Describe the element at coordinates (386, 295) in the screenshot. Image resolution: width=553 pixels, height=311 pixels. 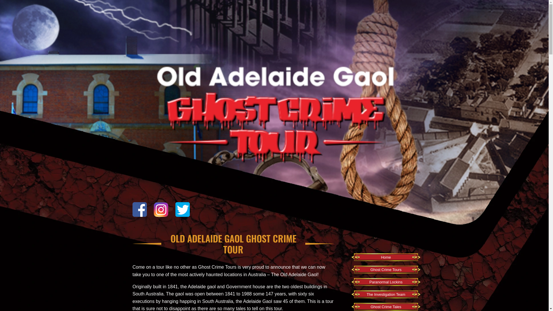
I see `'The Investigation Team'` at that location.